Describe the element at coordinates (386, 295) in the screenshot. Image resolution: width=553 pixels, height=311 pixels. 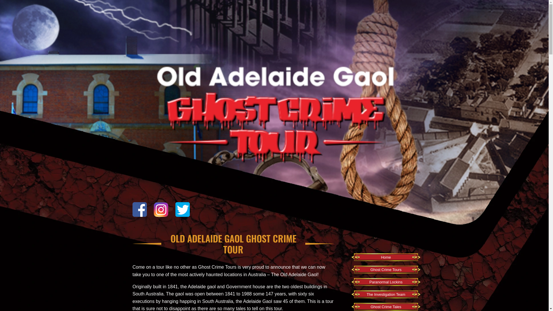
I see `'The Investigation Team'` at that location.